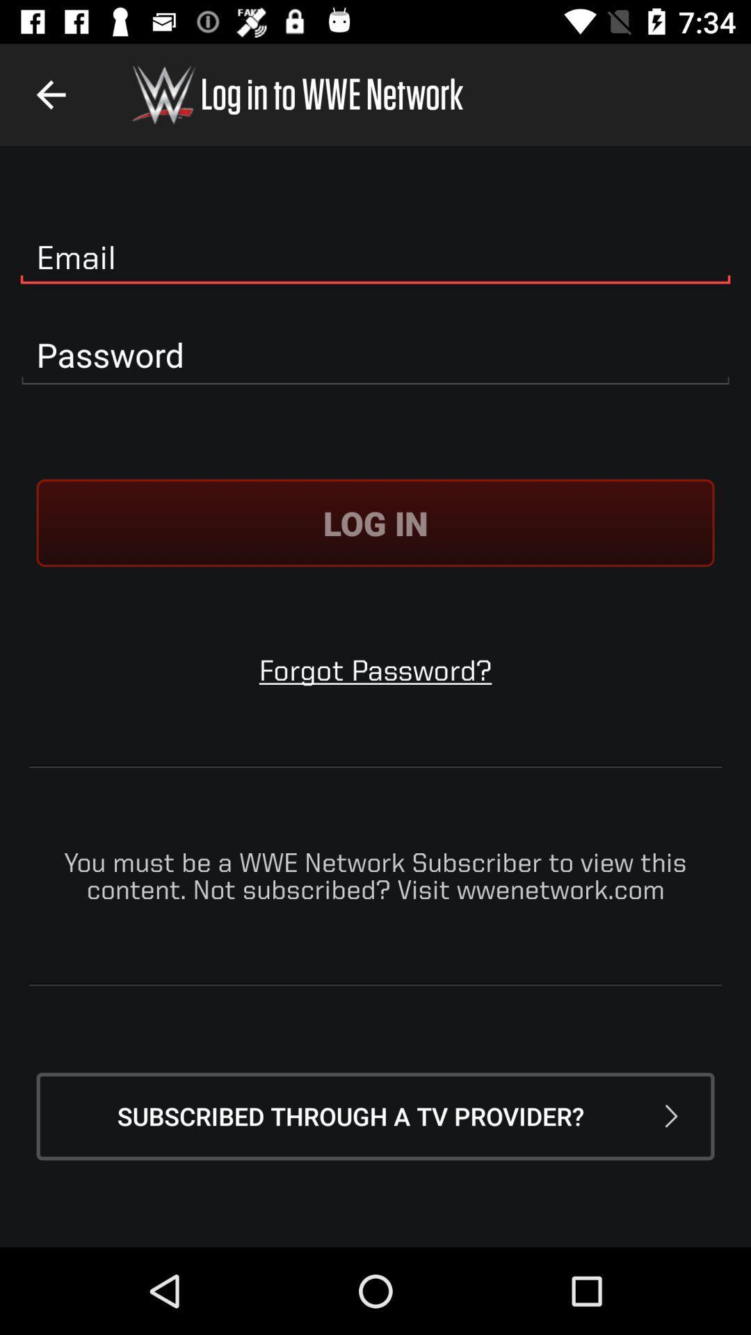 This screenshot has height=1335, width=751. I want to click on forgot password?, so click(375, 670).